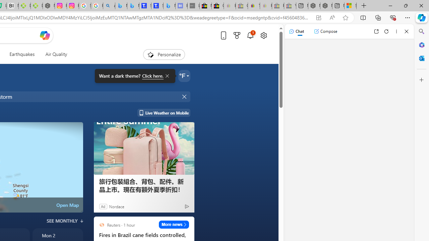 The width and height of the screenshot is (429, 241). I want to click on 'Notifications', so click(250, 35).